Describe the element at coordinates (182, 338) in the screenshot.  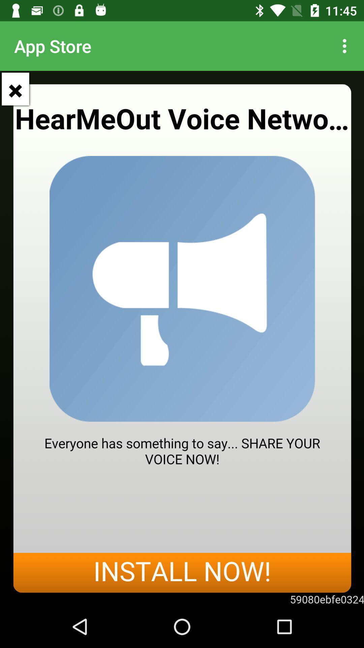
I see `install application` at that location.